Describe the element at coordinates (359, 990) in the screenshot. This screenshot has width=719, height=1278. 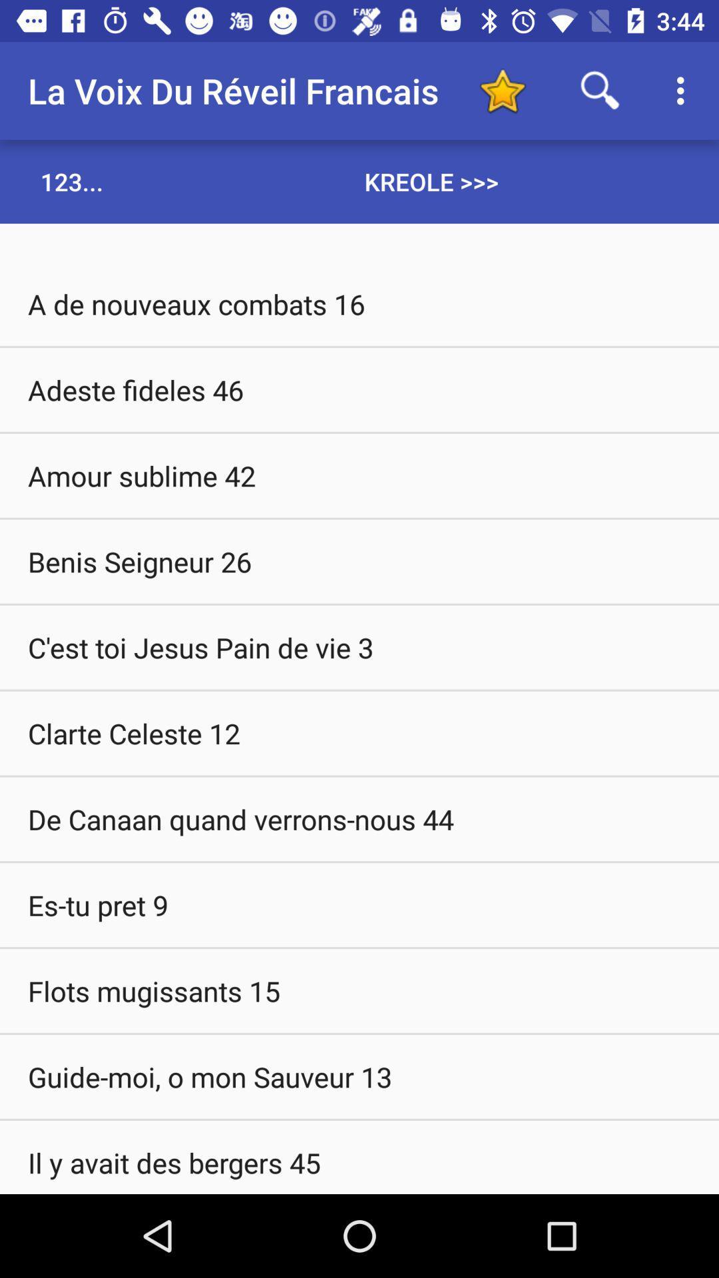
I see `icon below es tu pret icon` at that location.